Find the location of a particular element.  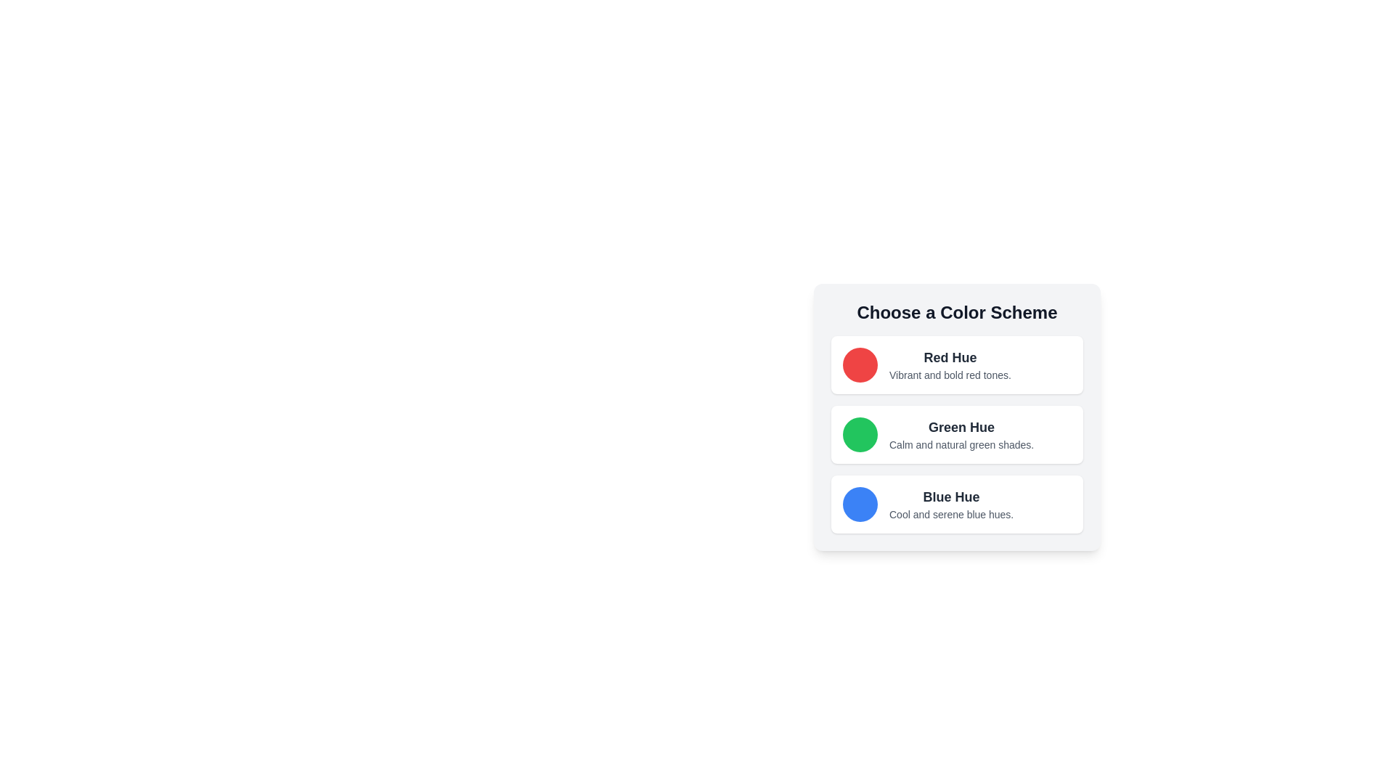

the text label that reads 'Green Hue' in bold, part of the second card under 'Choose a Color Scheme' located near the center-right of the card is located at coordinates (961, 433).